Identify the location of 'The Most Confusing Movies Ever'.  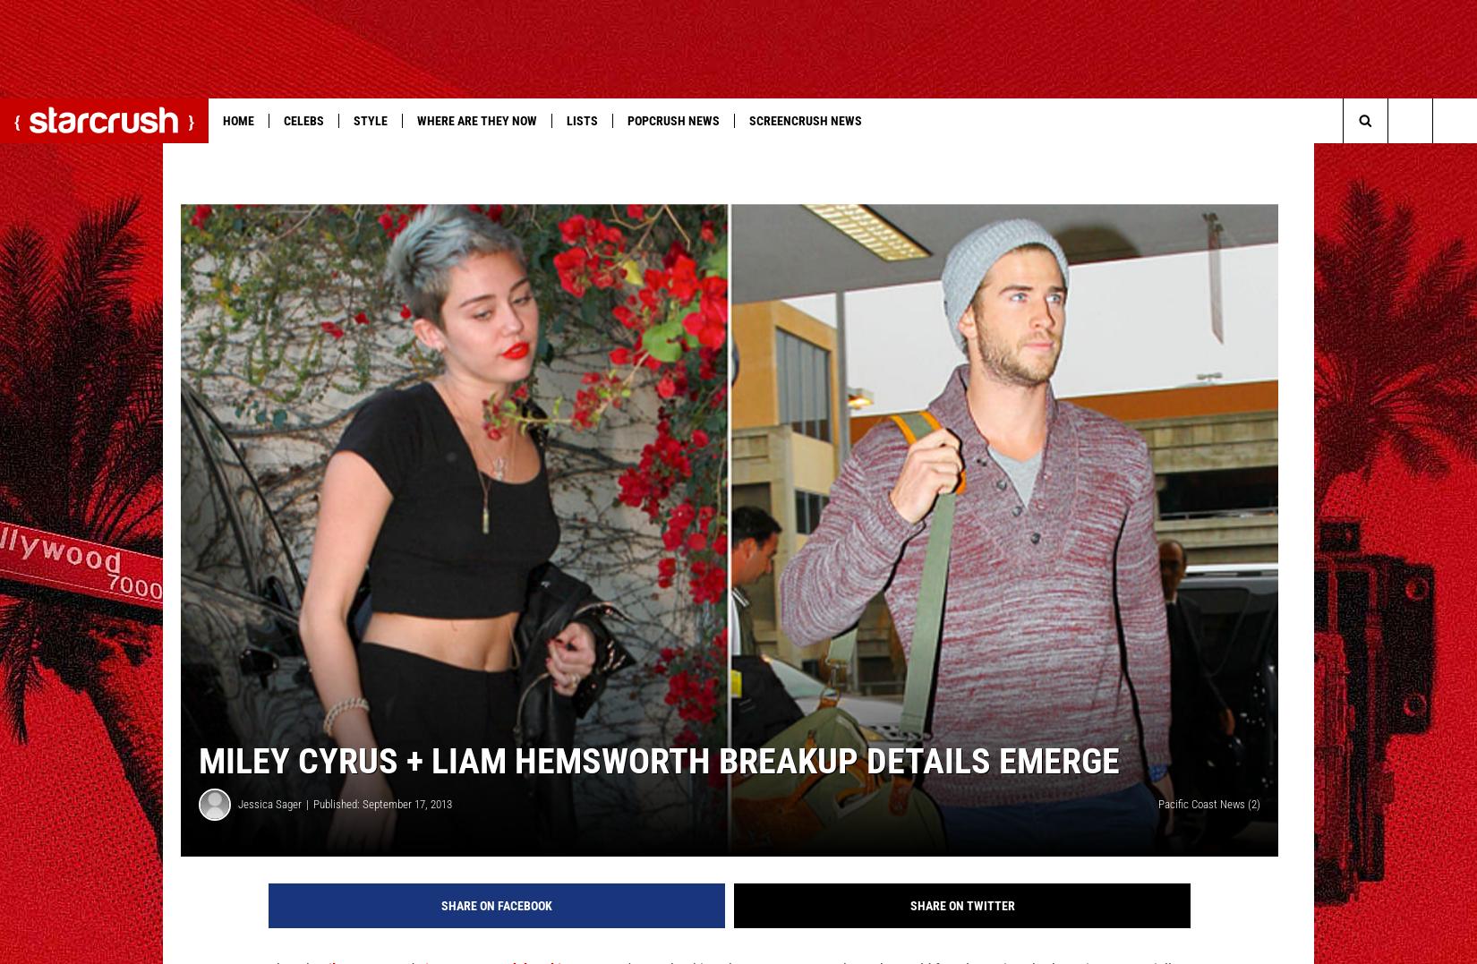
(755, 156).